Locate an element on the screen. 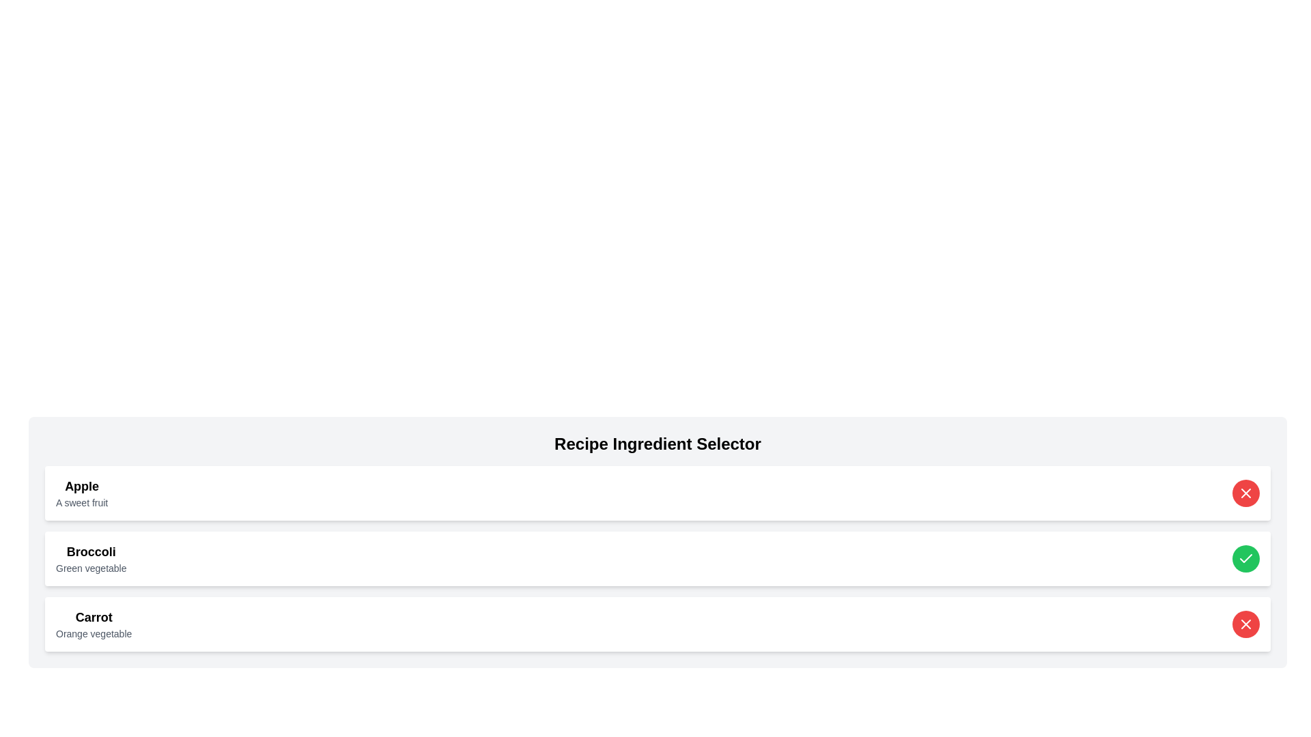 The width and height of the screenshot is (1311, 737). the green checkmark icon located in the right section of the 'Broccoli' list item to confirm selection is located at coordinates (1245, 558).